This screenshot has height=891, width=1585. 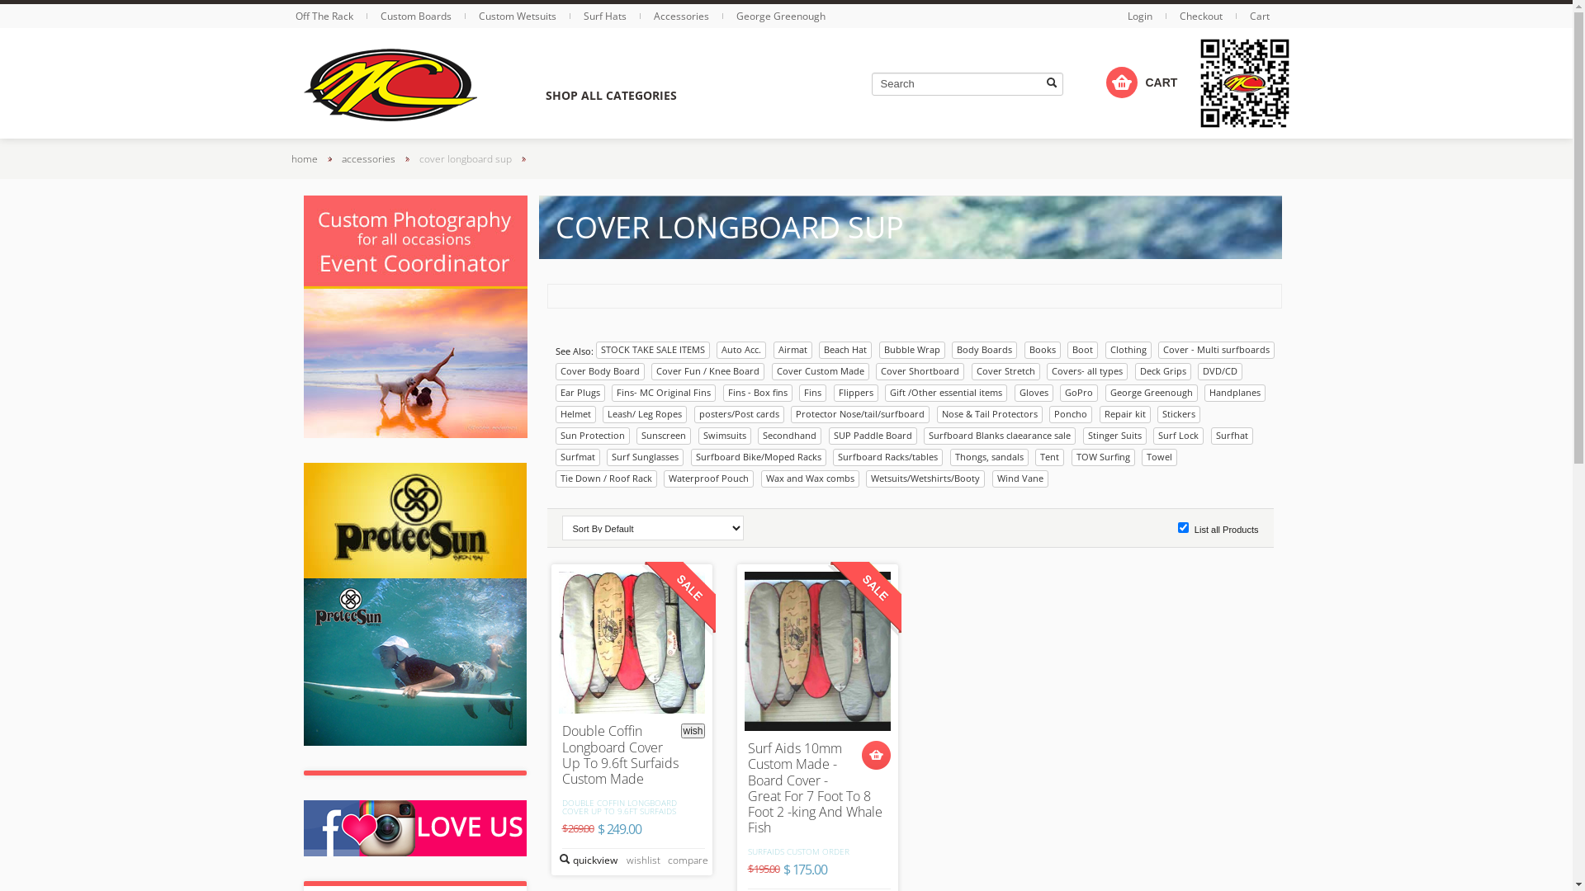 I want to click on 'Surfboard Racks/tables', so click(x=887, y=457).